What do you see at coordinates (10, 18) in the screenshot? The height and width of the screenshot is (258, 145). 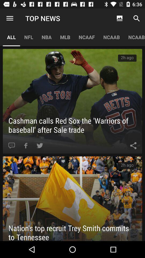 I see `the item to the left of the nfl icon` at bounding box center [10, 18].